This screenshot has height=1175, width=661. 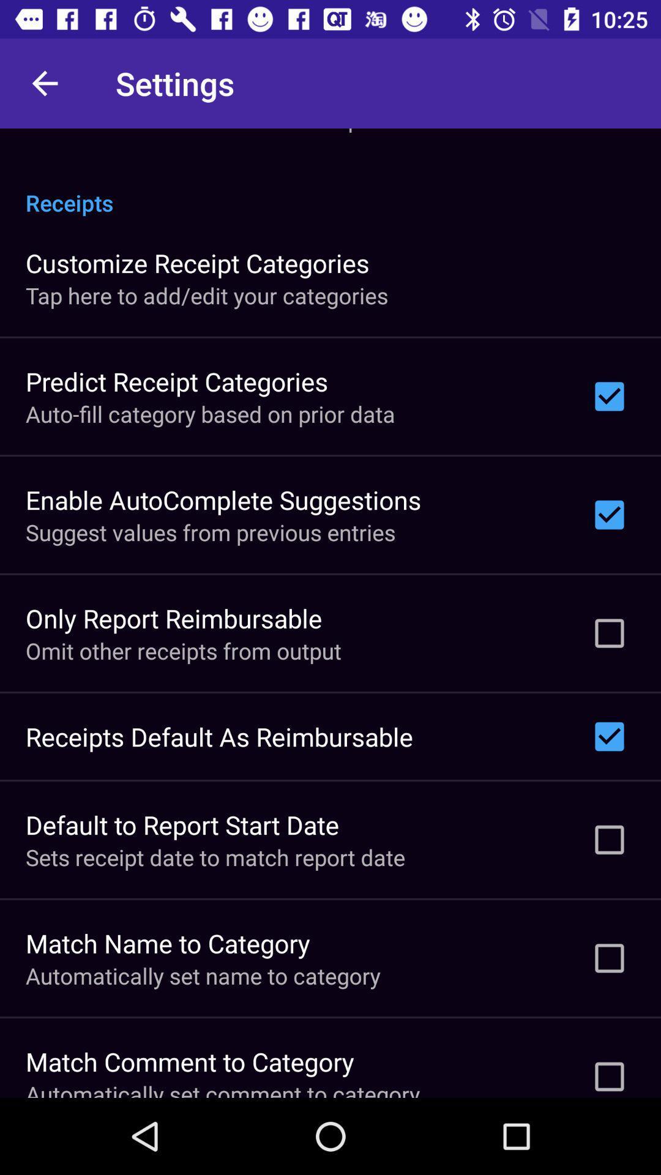 What do you see at coordinates (174, 618) in the screenshot?
I see `the icon below the suggest values from` at bounding box center [174, 618].